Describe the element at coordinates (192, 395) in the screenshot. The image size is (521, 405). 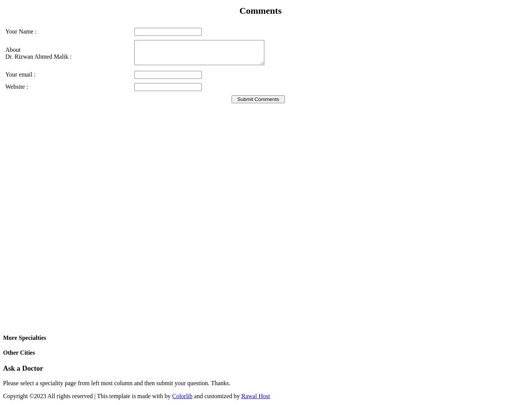
I see `'and customized by'` at that location.